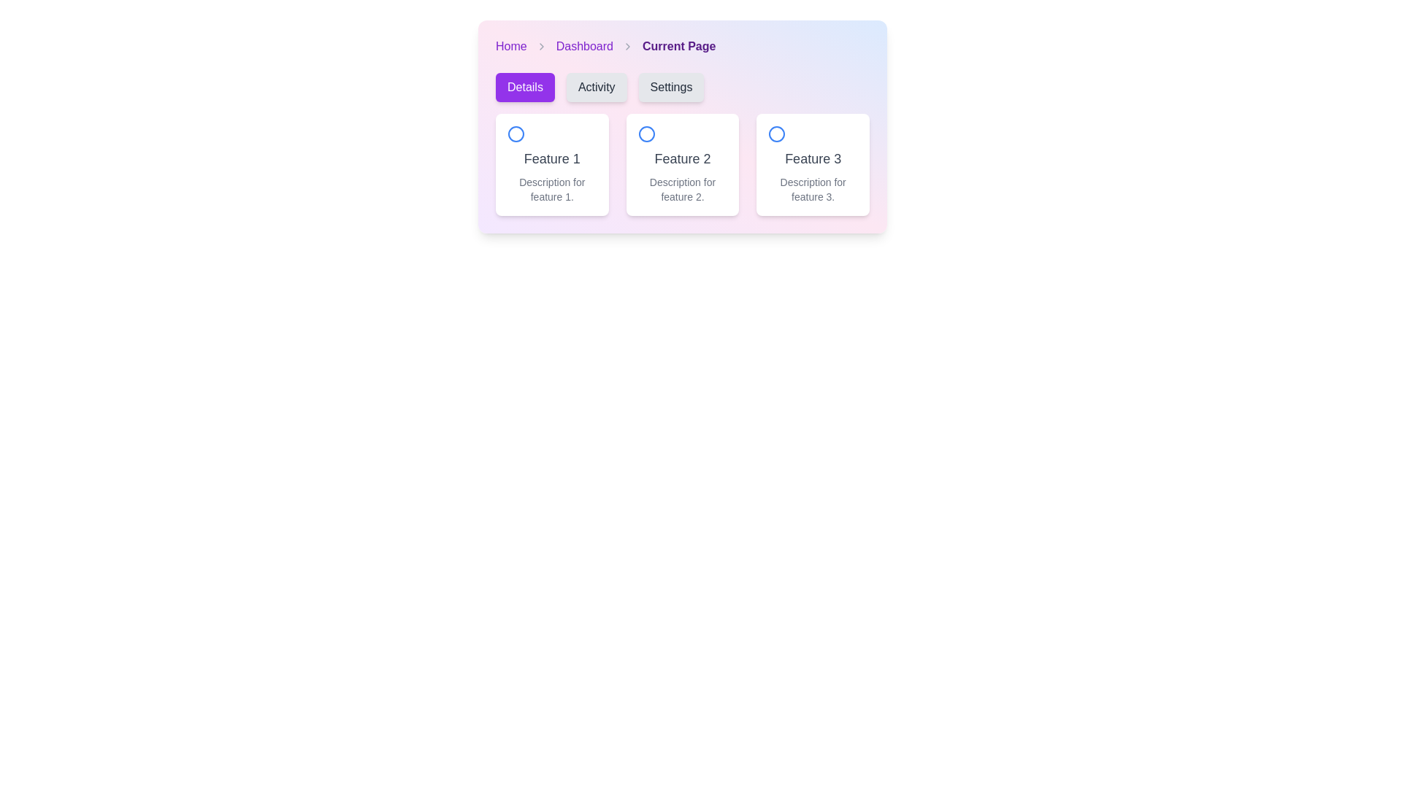 The image size is (1402, 788). Describe the element at coordinates (682, 164) in the screenshot. I see `the 'Feature 2' card` at that location.